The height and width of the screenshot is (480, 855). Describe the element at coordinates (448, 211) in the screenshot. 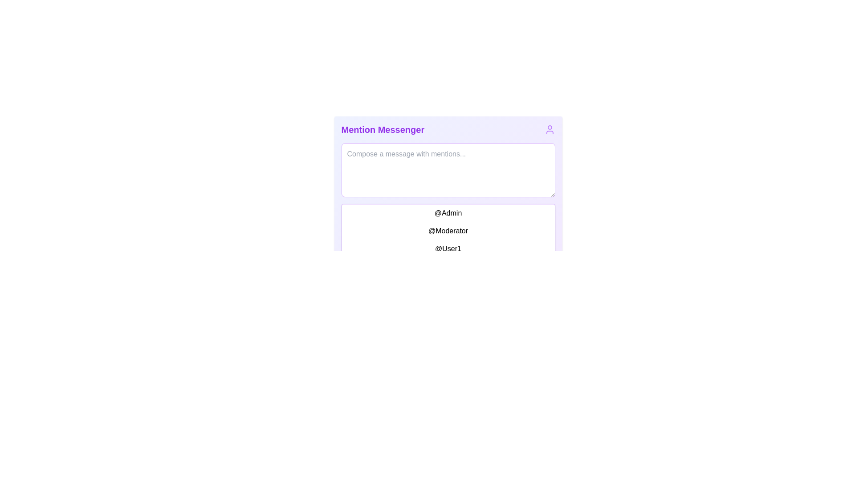

I see `a mention option in the Message Composer Utility with Mention Selector to include it in the message` at that location.